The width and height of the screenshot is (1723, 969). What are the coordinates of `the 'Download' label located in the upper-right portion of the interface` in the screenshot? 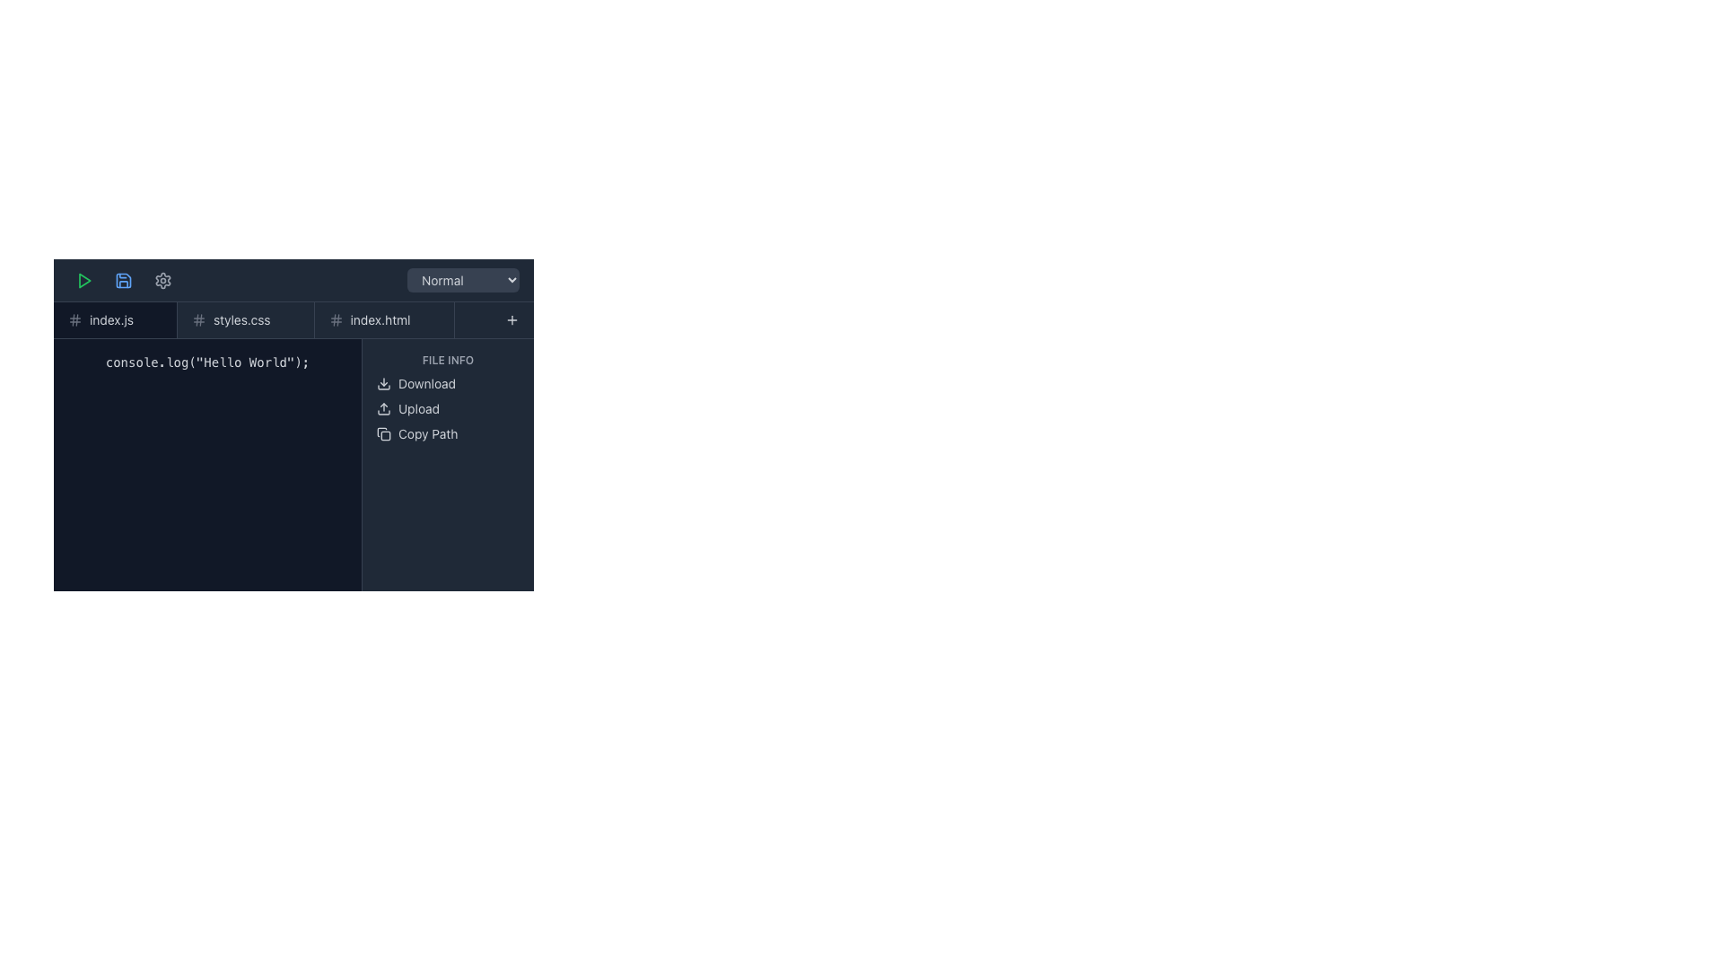 It's located at (425, 383).